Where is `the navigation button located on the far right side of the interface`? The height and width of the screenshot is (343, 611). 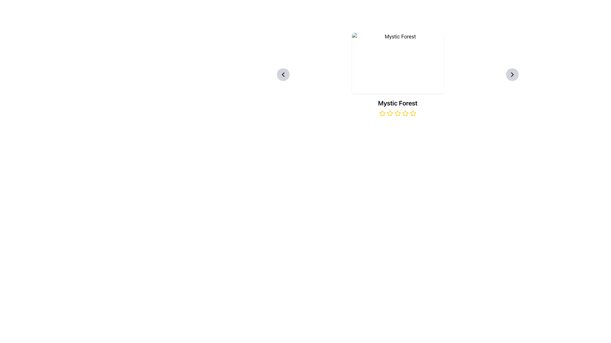 the navigation button located on the far right side of the interface is located at coordinates (512, 74).